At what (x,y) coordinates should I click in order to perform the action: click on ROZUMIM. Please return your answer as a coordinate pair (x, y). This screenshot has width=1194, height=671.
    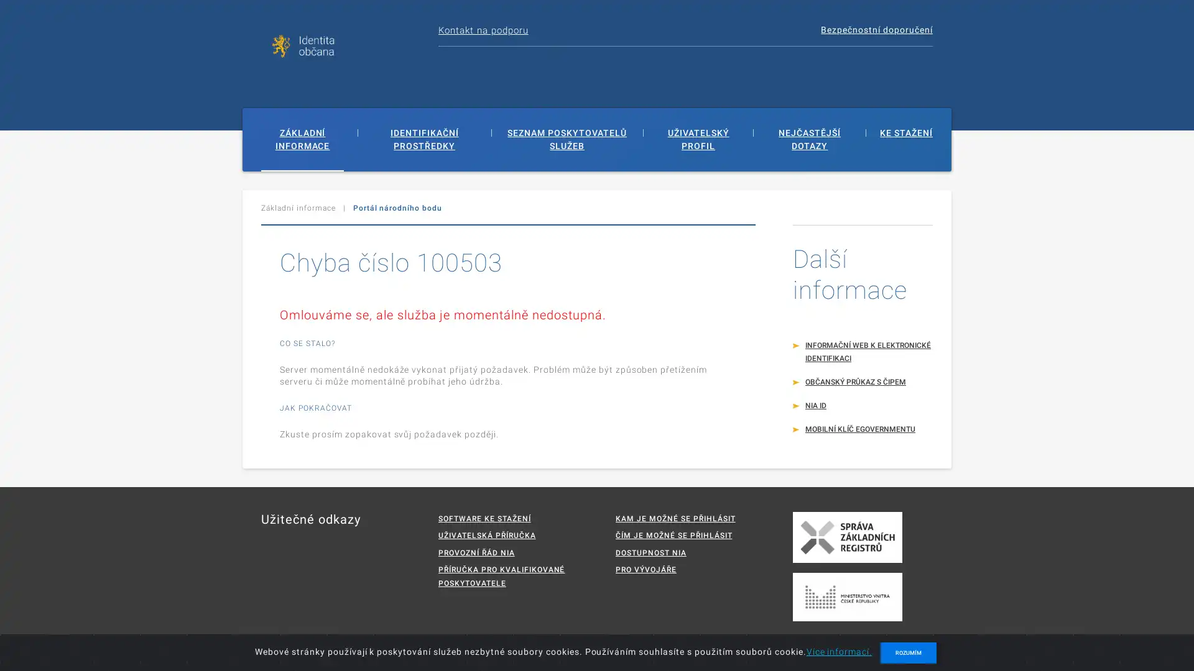
    Looking at the image, I should click on (908, 651).